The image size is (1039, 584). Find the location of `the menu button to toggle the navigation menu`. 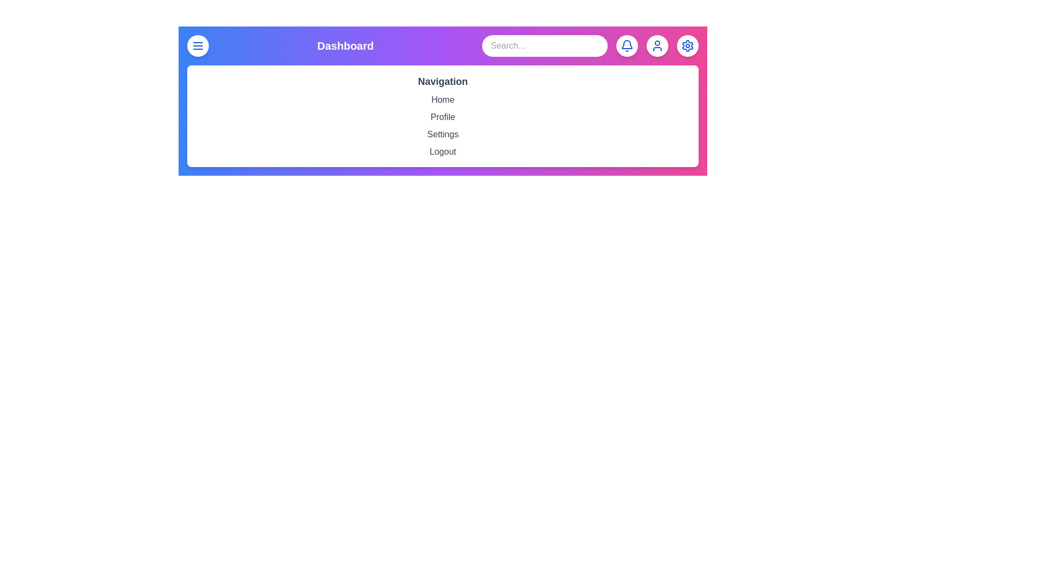

the menu button to toggle the navigation menu is located at coordinates (198, 45).